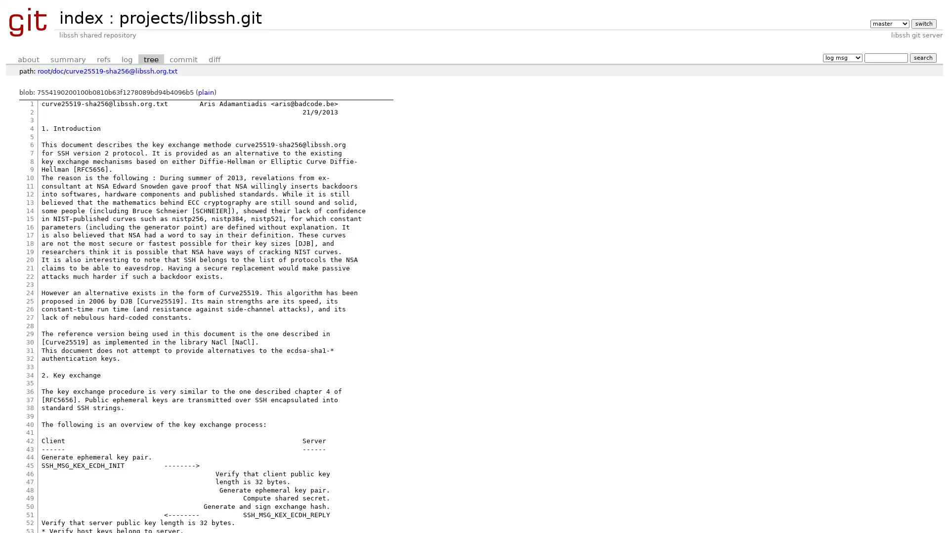  Describe the element at coordinates (923, 23) in the screenshot. I see `switch` at that location.